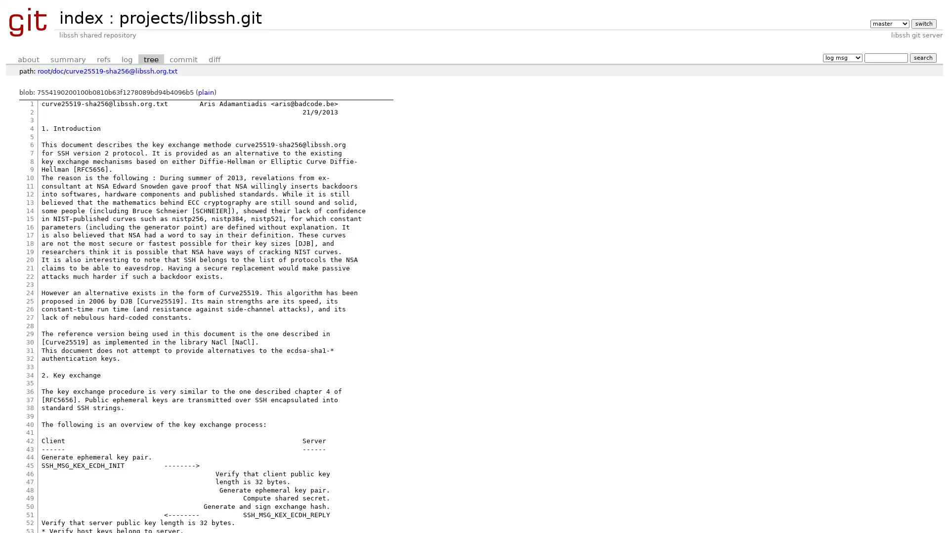  Describe the element at coordinates (923, 23) in the screenshot. I see `switch` at that location.